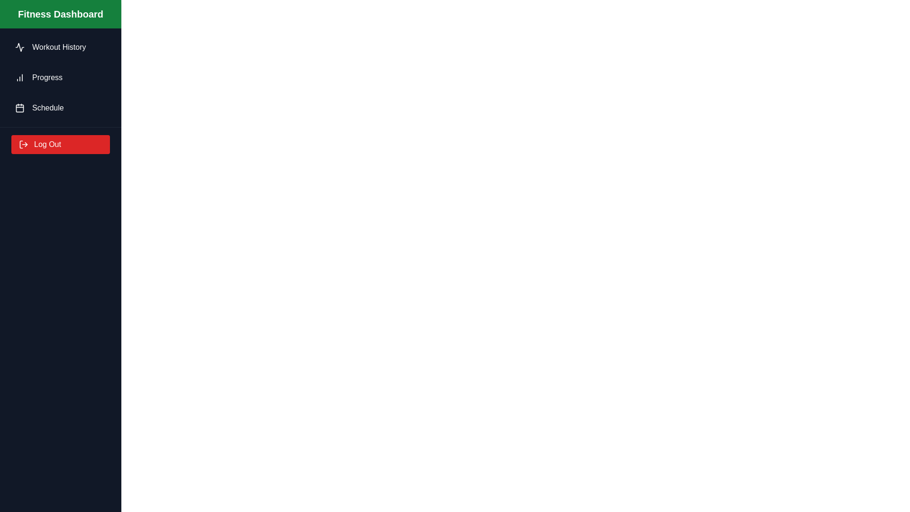 This screenshot has width=910, height=512. What do you see at coordinates (60, 47) in the screenshot?
I see `the first item in the sidebar navigation menu` at bounding box center [60, 47].